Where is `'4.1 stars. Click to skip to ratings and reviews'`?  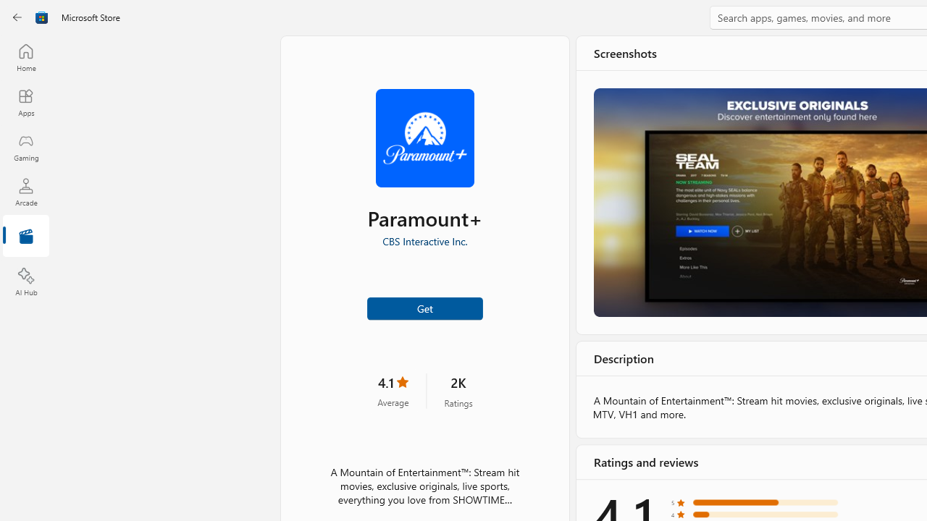 '4.1 stars. Click to skip to ratings and reviews' is located at coordinates (393, 391).